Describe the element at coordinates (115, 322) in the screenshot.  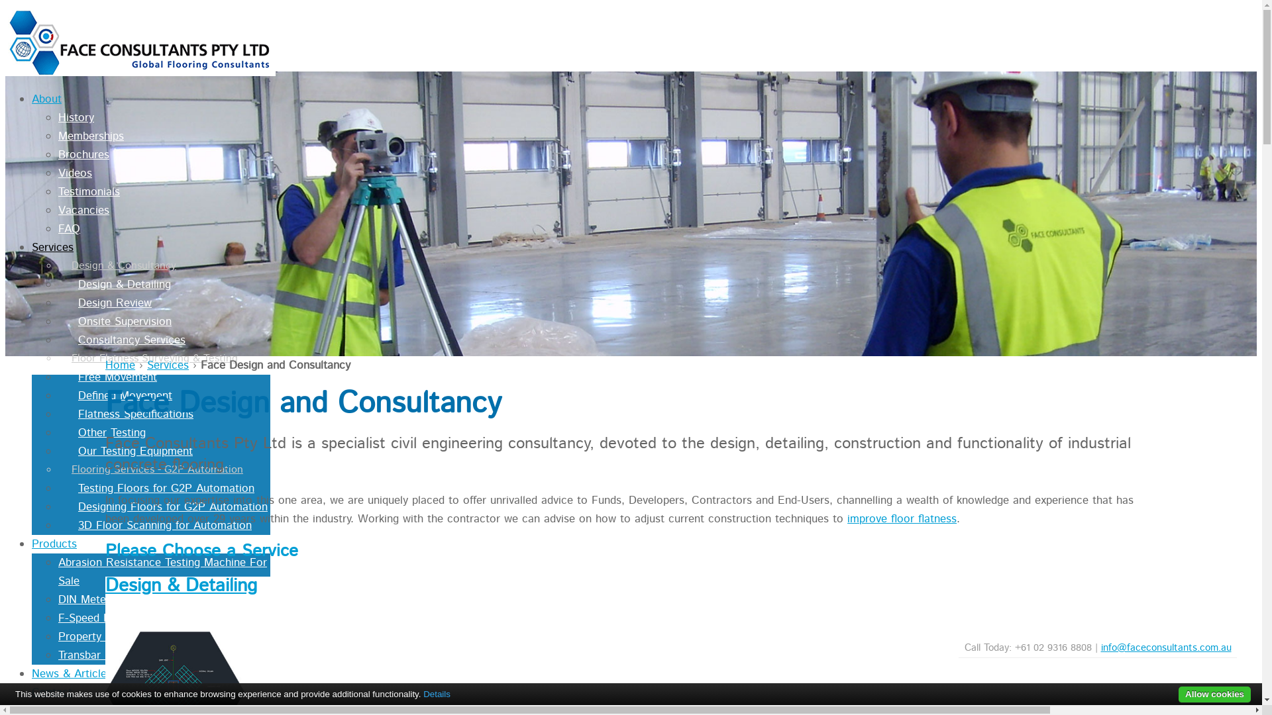
I see `'Onsite Supervision'` at that location.